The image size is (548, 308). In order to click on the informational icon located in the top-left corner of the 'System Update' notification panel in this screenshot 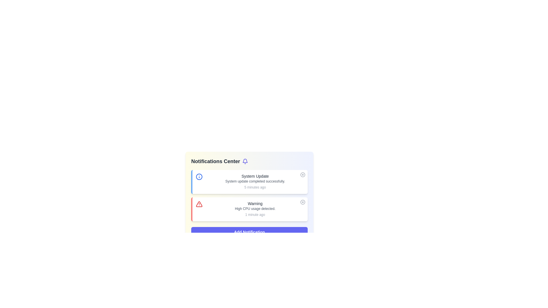, I will do `click(199, 177)`.